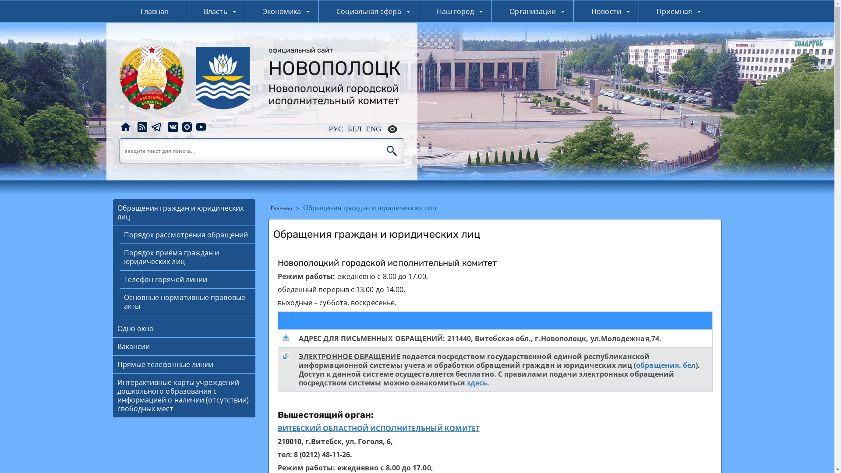  I want to click on 'Telegram', so click(149, 126).